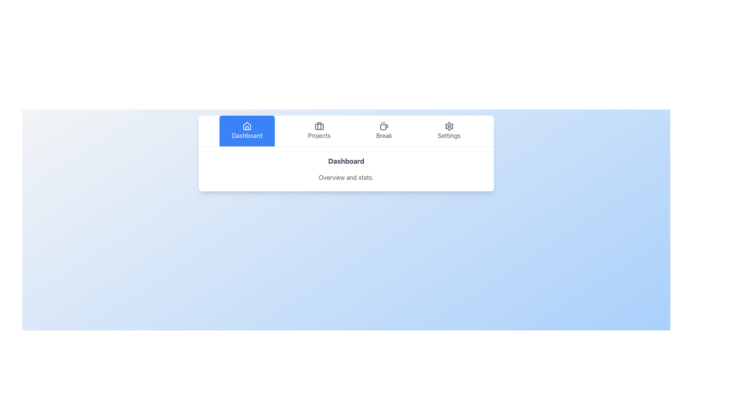  What do you see at coordinates (247, 126) in the screenshot?
I see `the navigational icon that represents access to the 'Dashboard' page` at bounding box center [247, 126].